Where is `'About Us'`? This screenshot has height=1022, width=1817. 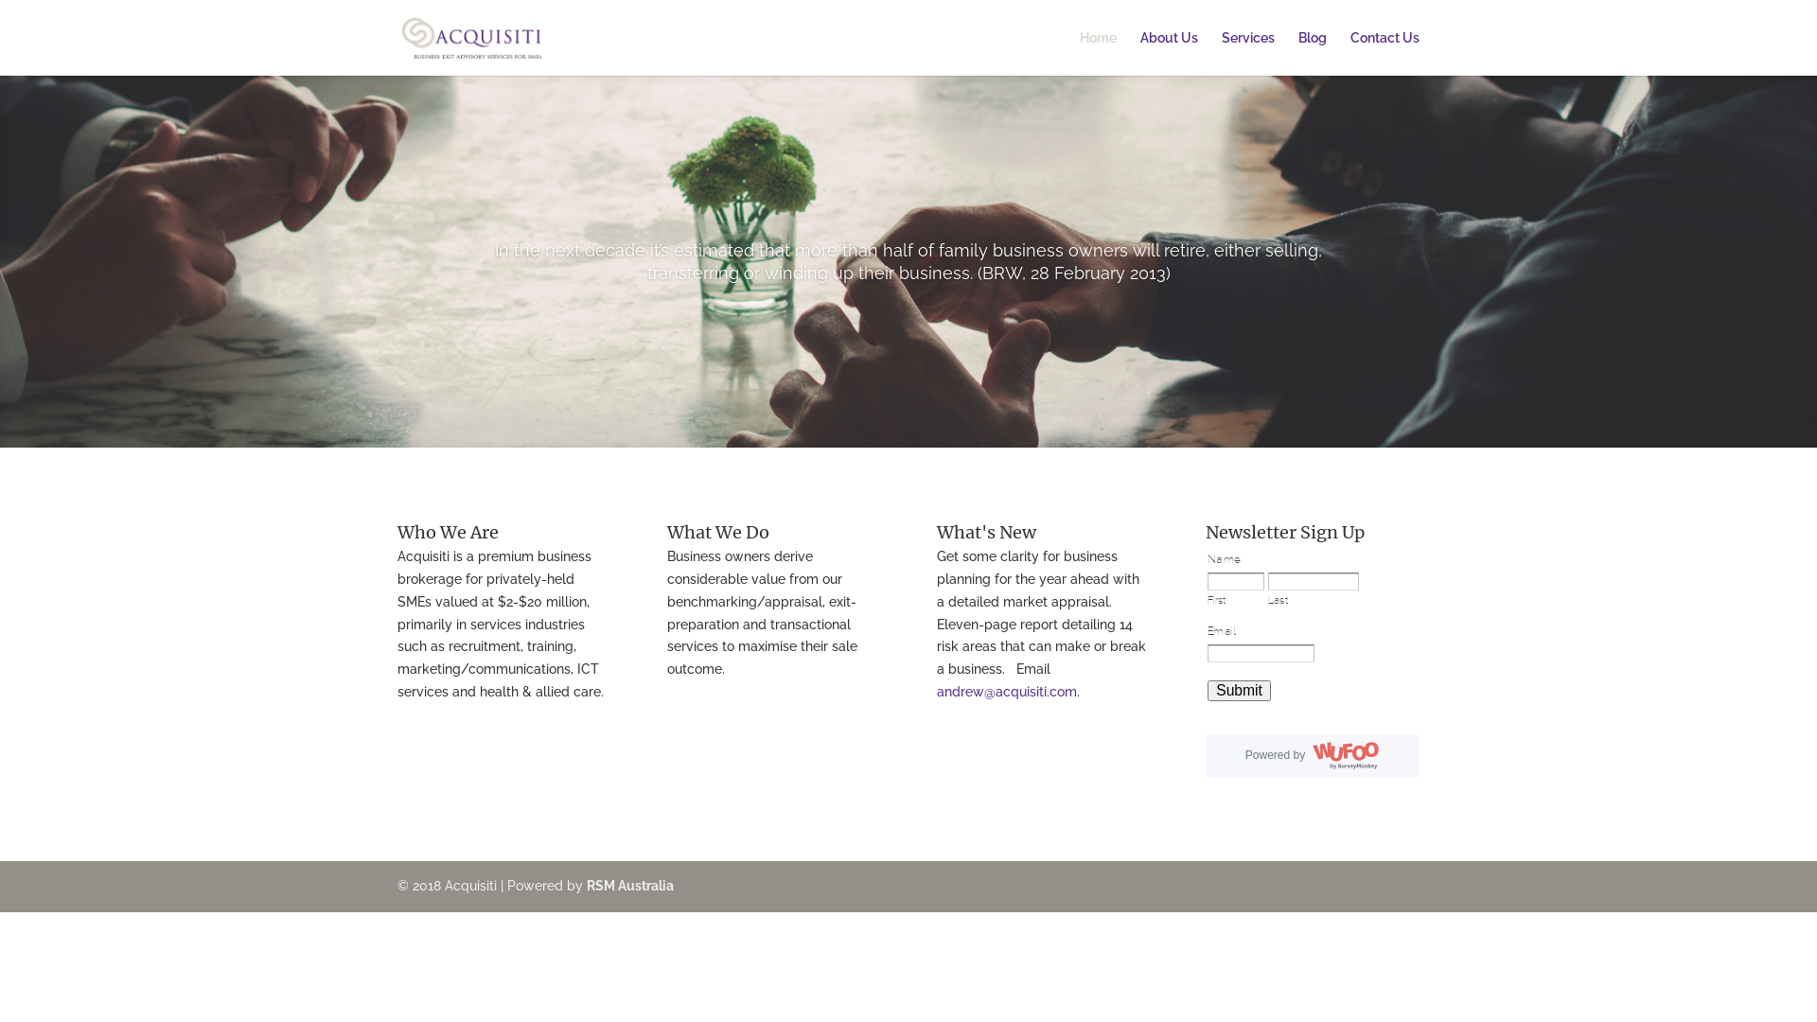
'About Us' is located at coordinates (1168, 52).